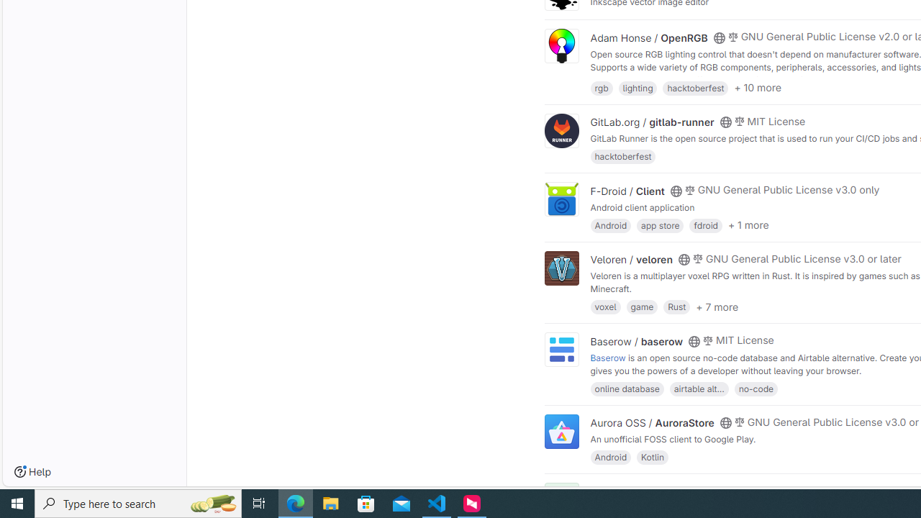  Describe the element at coordinates (717, 305) in the screenshot. I see `'+ 7 more'` at that location.